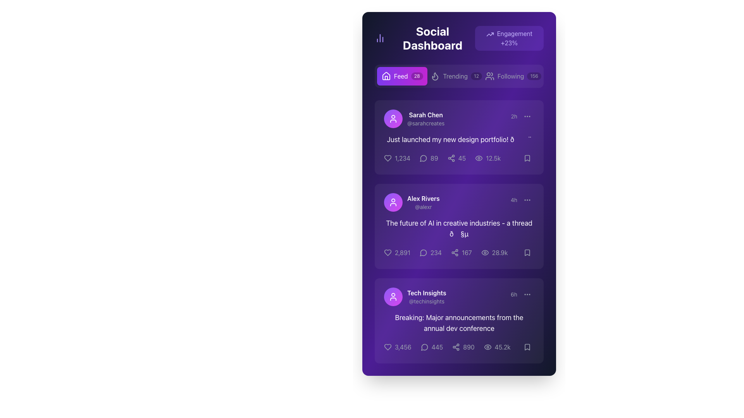 The height and width of the screenshot is (418, 744). I want to click on the text label that conveys the user's message in Sarah Chen's post, which is centered within the post card, so click(459, 140).